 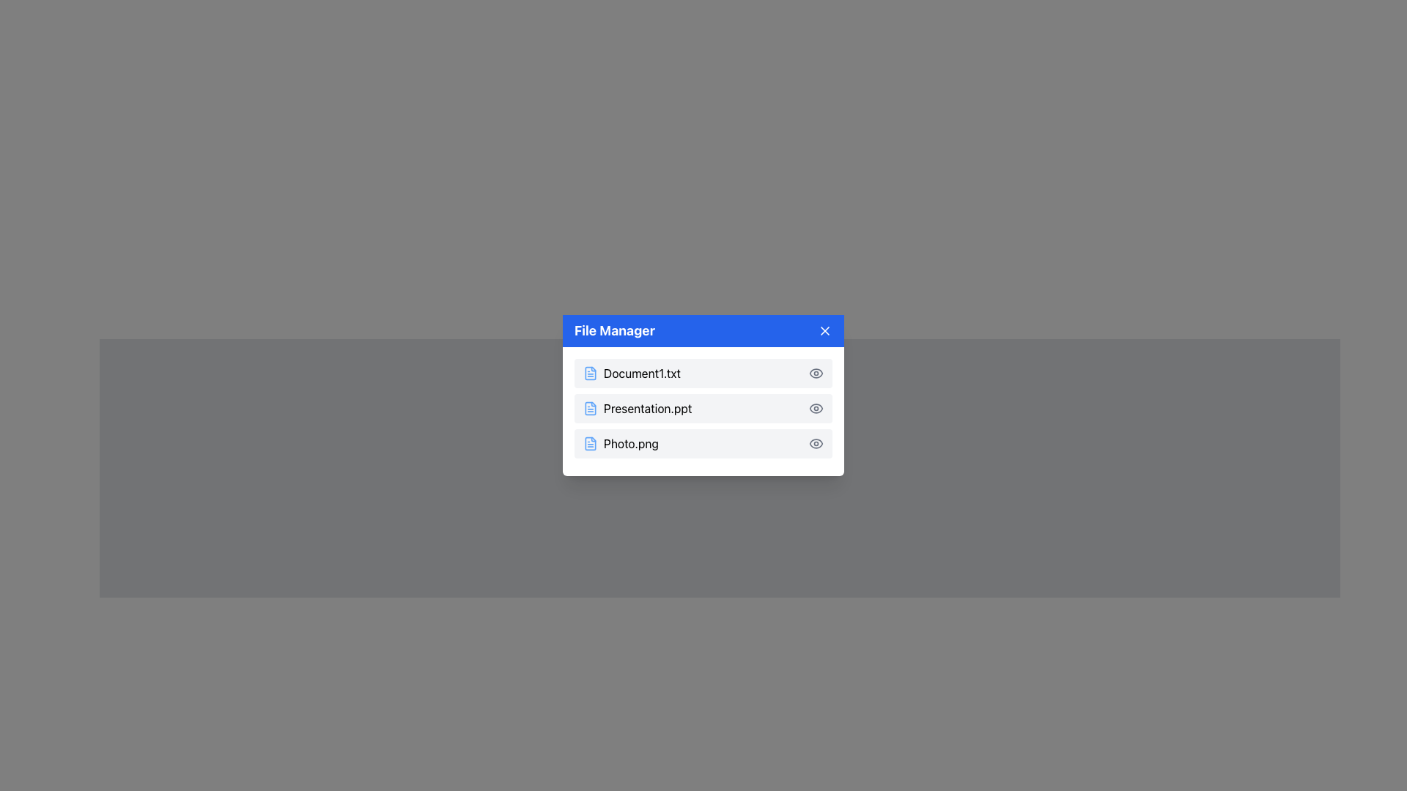 What do you see at coordinates (703, 409) in the screenshot?
I see `the list item displaying the filename 'Presentation.ppt'` at bounding box center [703, 409].